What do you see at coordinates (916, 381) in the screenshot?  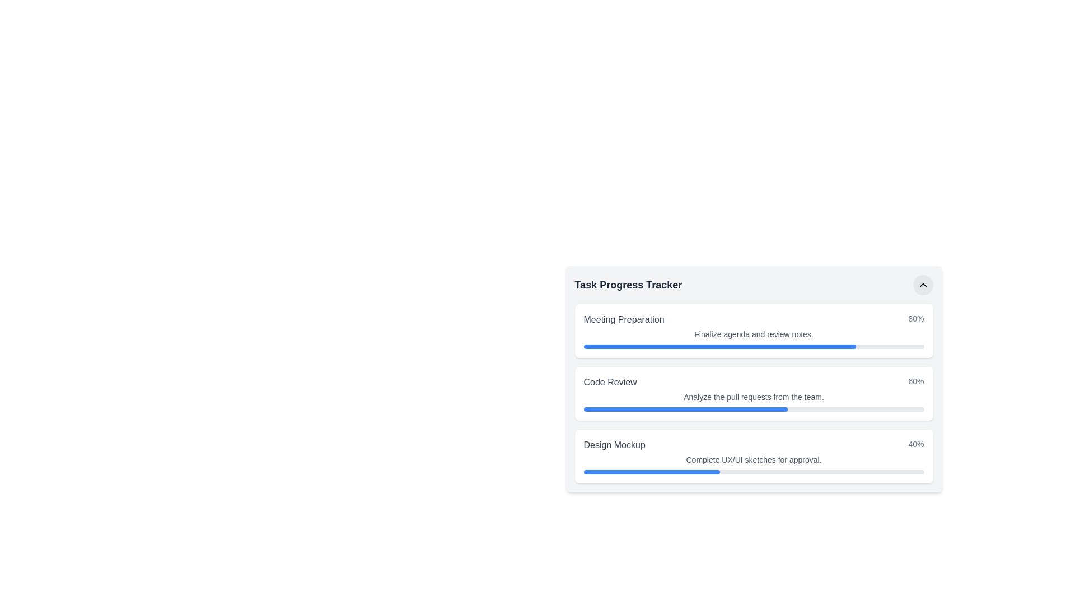 I see `the static text label displaying the progress of the 'Code Review' task, which indicates that 60% of the task is completed, located on the top-right side of the 'Code Review' section` at bounding box center [916, 381].